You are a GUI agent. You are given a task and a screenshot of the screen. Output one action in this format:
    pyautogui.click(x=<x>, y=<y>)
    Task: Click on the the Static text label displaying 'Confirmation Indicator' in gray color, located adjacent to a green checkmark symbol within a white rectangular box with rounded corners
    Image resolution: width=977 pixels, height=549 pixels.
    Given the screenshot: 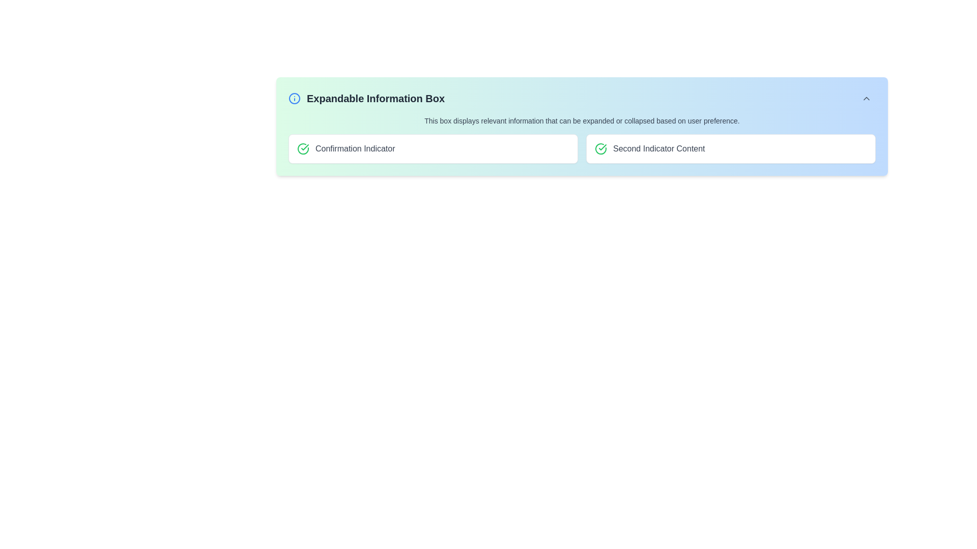 What is the action you would take?
    pyautogui.click(x=355, y=149)
    